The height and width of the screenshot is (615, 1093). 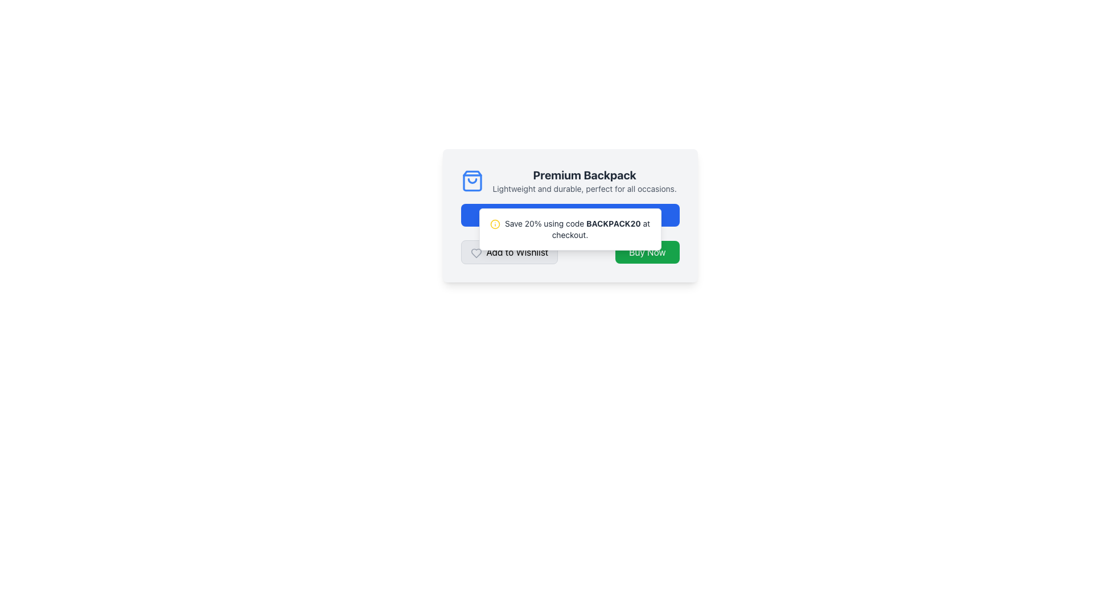 I want to click on product description text located directly beneath the 'Premium Backpack' header, which provides additional details about its features, so click(x=585, y=188).